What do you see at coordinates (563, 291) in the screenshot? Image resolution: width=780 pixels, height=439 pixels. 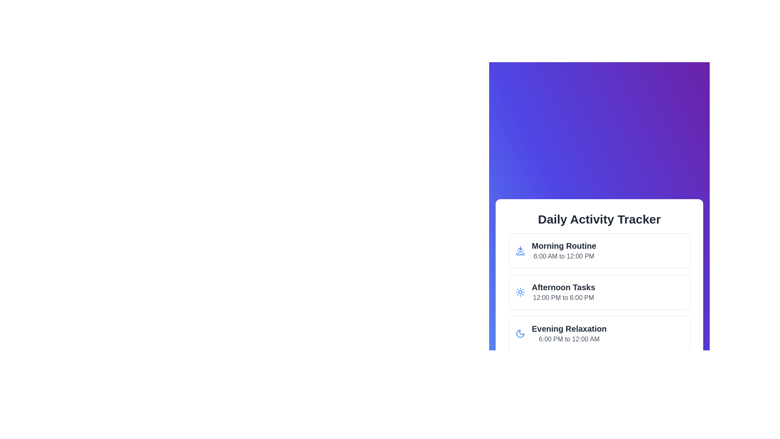 I see `the 'Afternoon Tasks' text block, which indicates the time range '12:00 PM to 6:00 PM', located` at bounding box center [563, 291].